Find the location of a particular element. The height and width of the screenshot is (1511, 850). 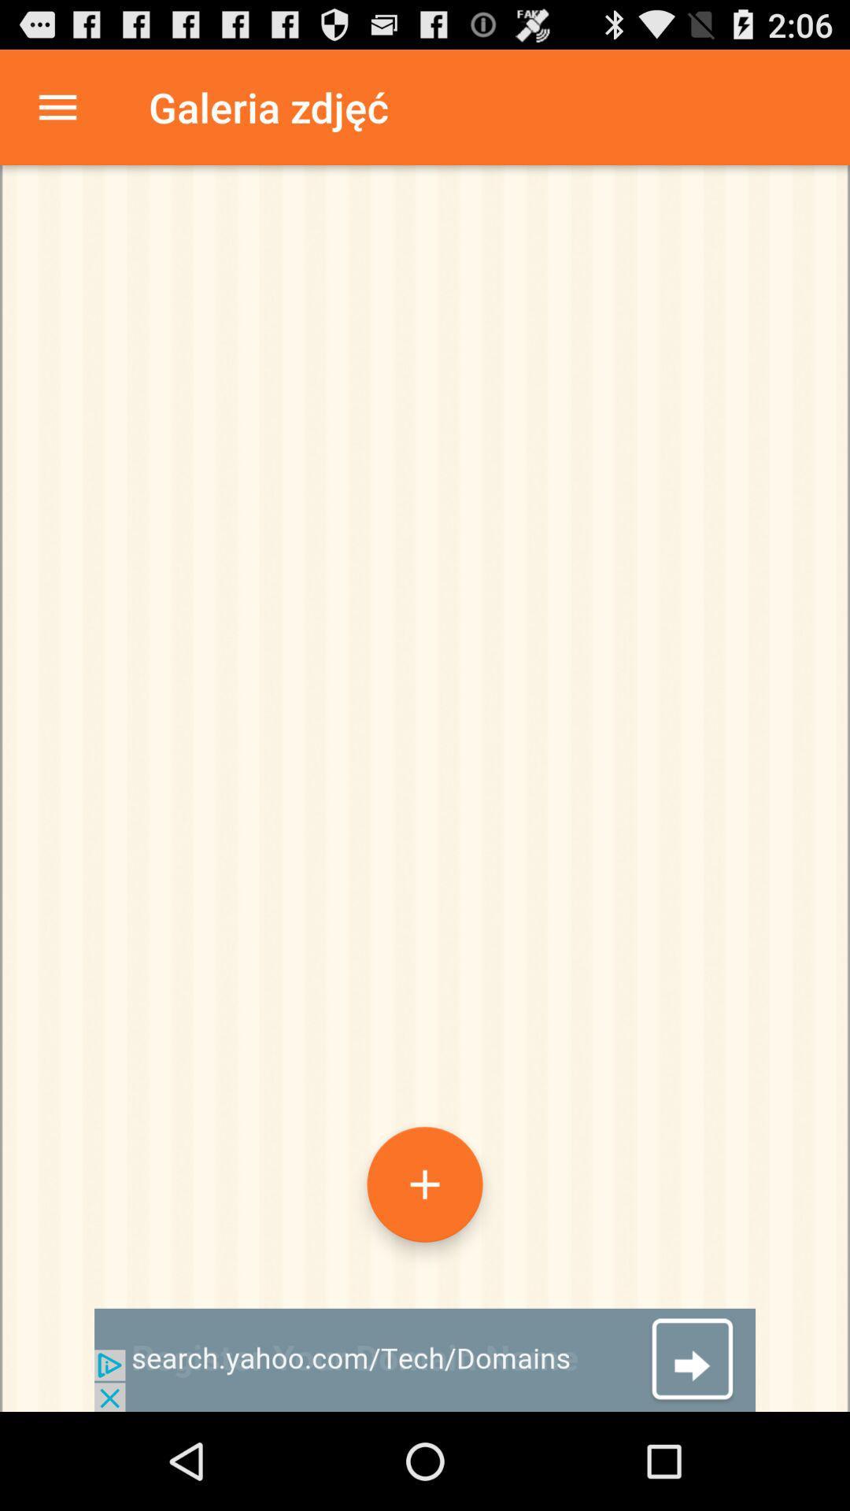

the add icon is located at coordinates (425, 1267).